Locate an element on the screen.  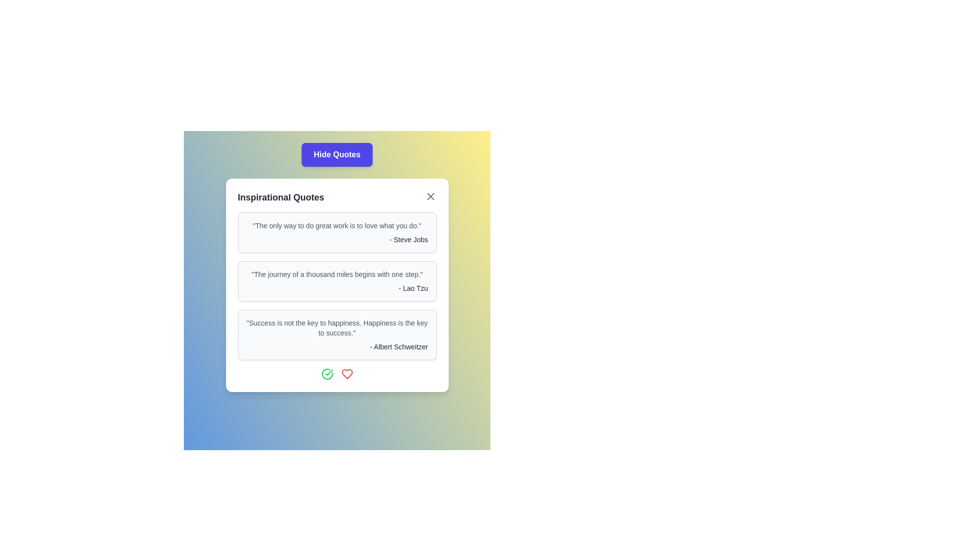
the second quote card in the Inspirational Quotes section is located at coordinates (337, 281).